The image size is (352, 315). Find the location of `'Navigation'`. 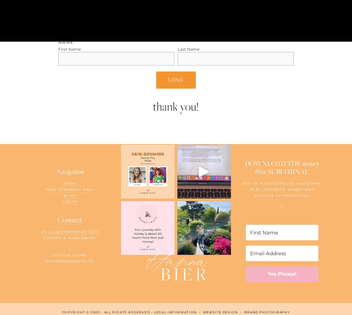

'Navigation' is located at coordinates (69, 171).